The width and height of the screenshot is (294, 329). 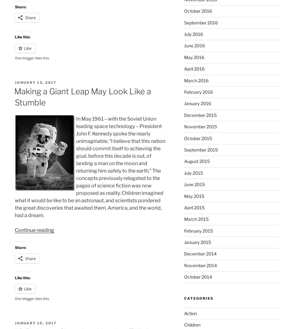 I want to click on 'August 2015', so click(x=197, y=161).